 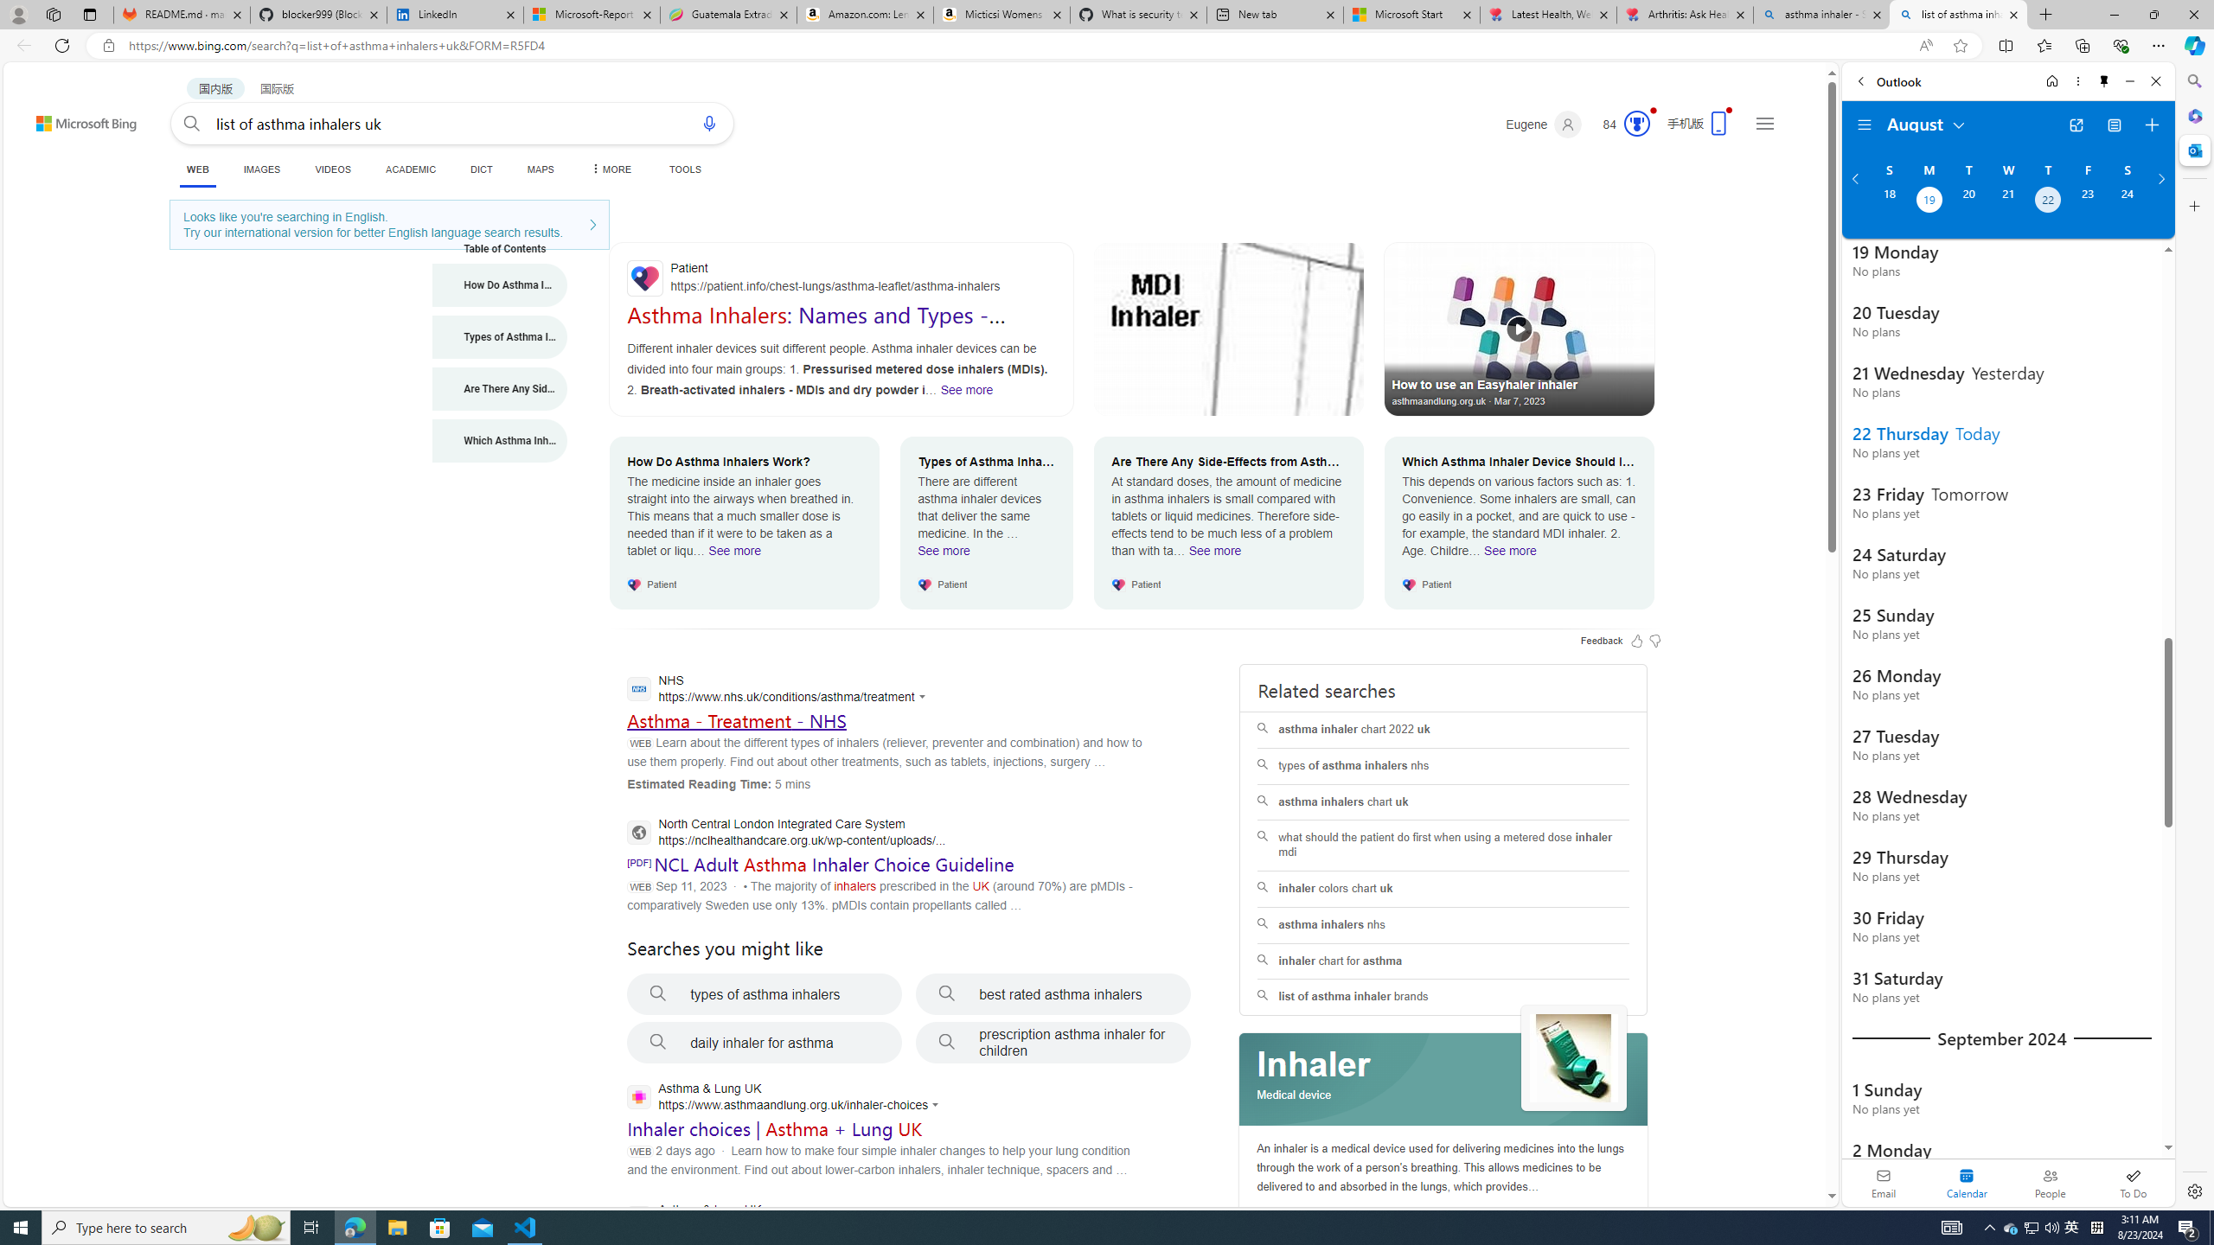 What do you see at coordinates (1443, 997) in the screenshot?
I see `'list of asthma inhaler brands'` at bounding box center [1443, 997].